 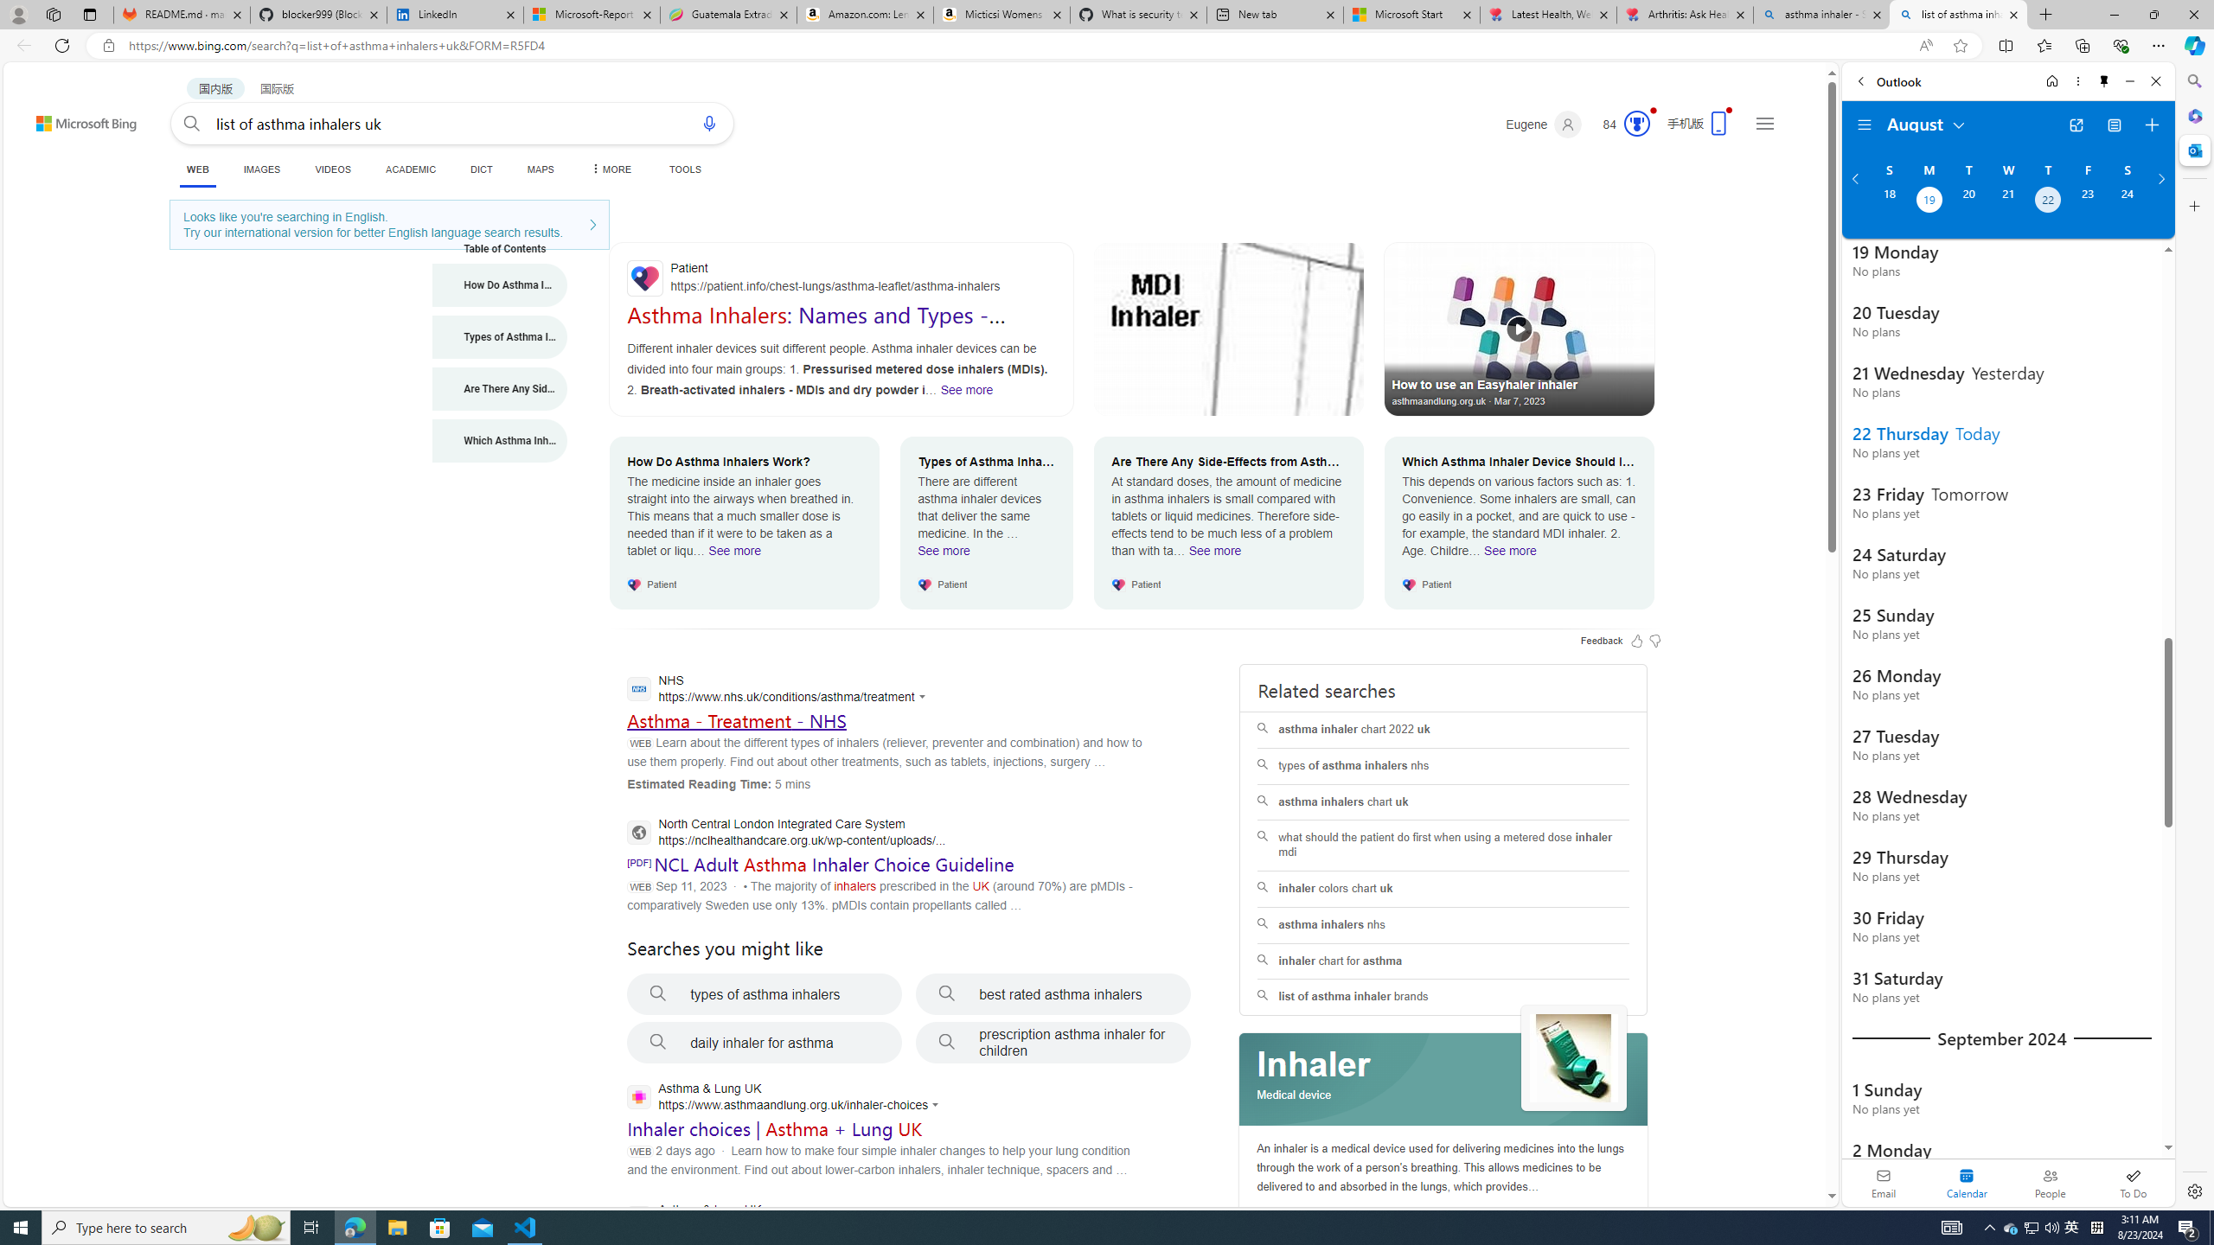 What do you see at coordinates (1443, 997) in the screenshot?
I see `'list of asthma inhaler brands'` at bounding box center [1443, 997].